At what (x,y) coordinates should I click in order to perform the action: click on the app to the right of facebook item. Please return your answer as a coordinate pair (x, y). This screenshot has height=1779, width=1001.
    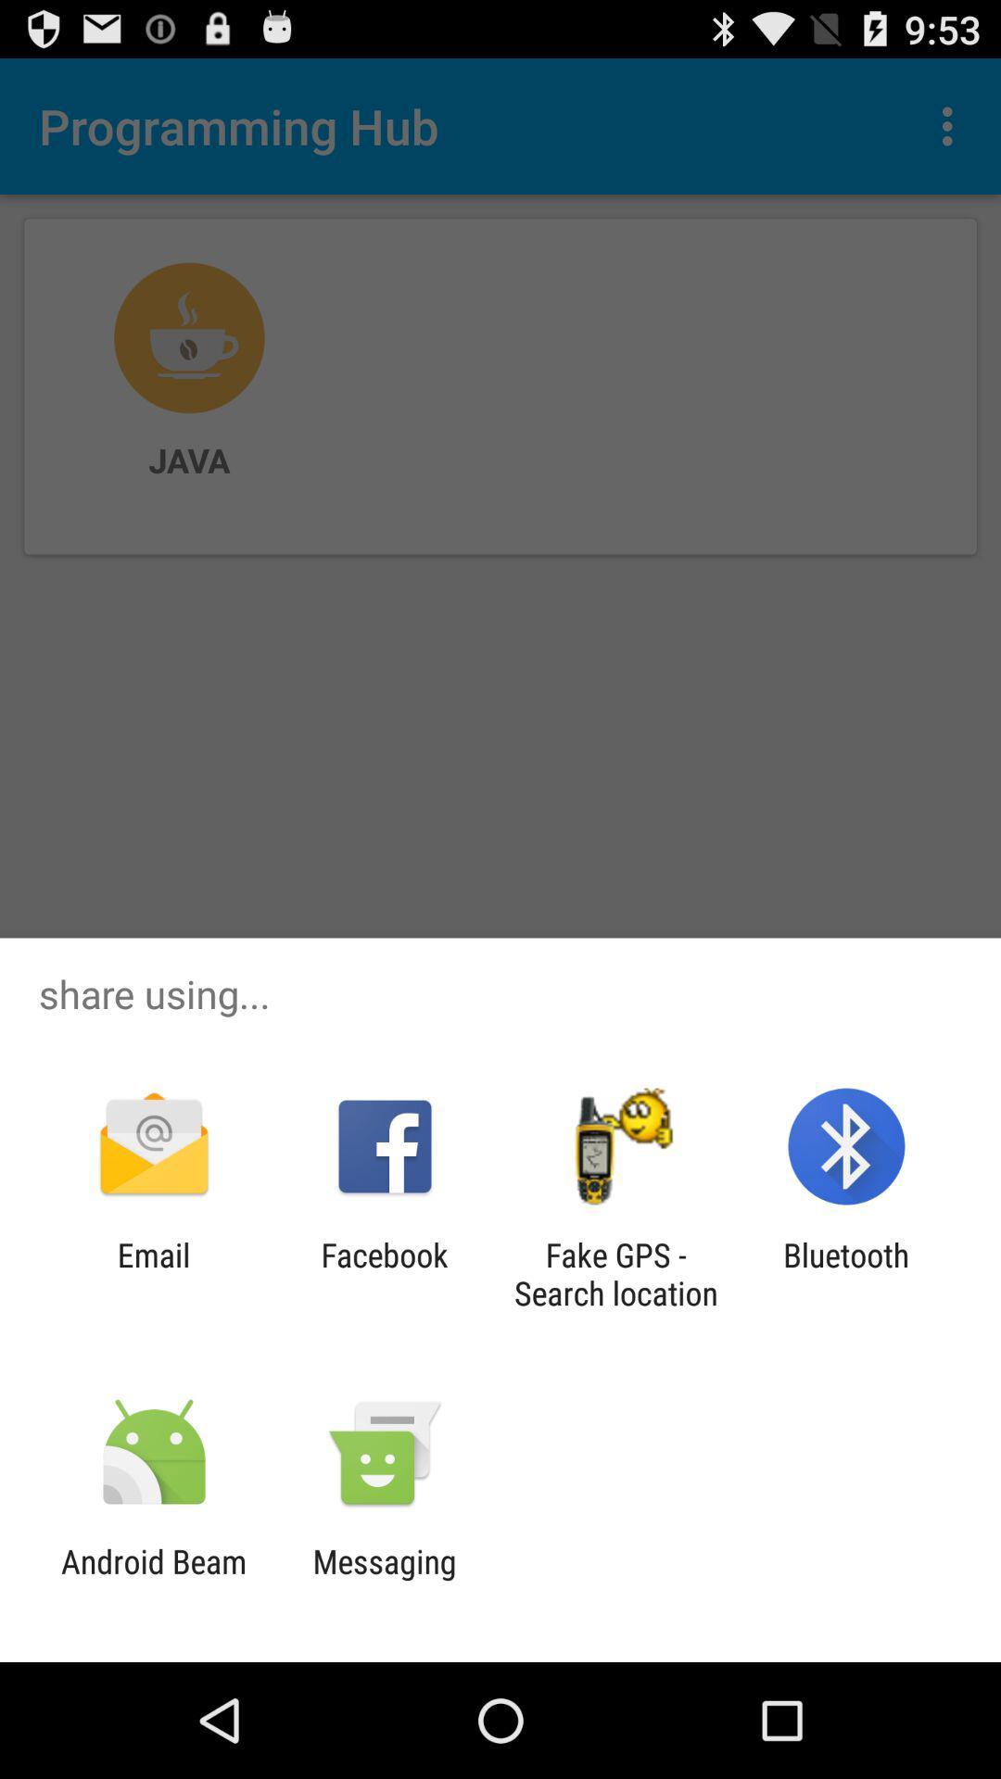
    Looking at the image, I should click on (615, 1273).